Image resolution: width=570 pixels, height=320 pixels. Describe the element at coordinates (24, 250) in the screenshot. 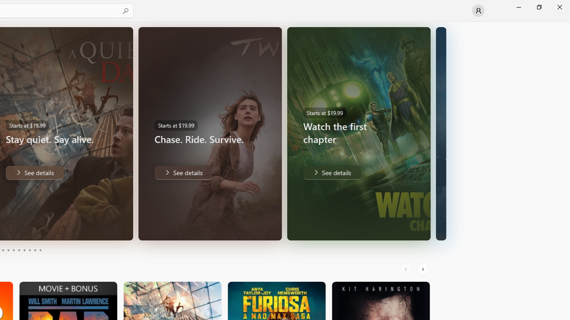

I see `'Page 7'` at that location.